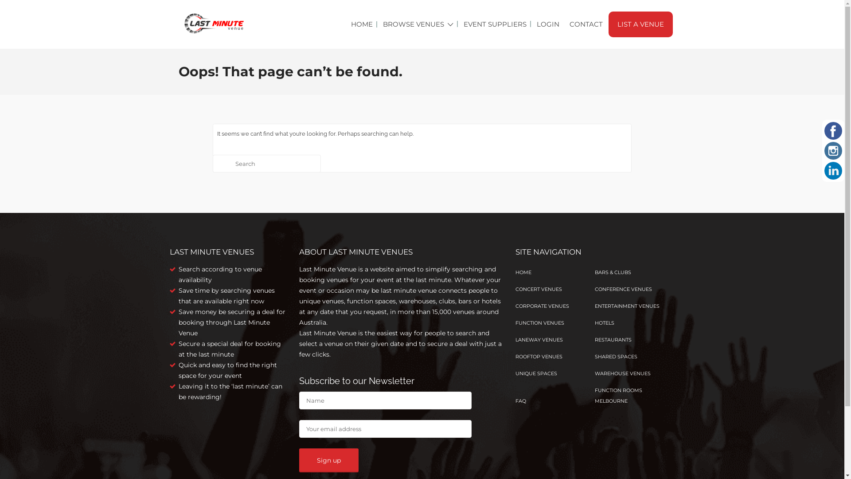  Describe the element at coordinates (538, 356) in the screenshot. I see `'ROOFTOP VENUES'` at that location.